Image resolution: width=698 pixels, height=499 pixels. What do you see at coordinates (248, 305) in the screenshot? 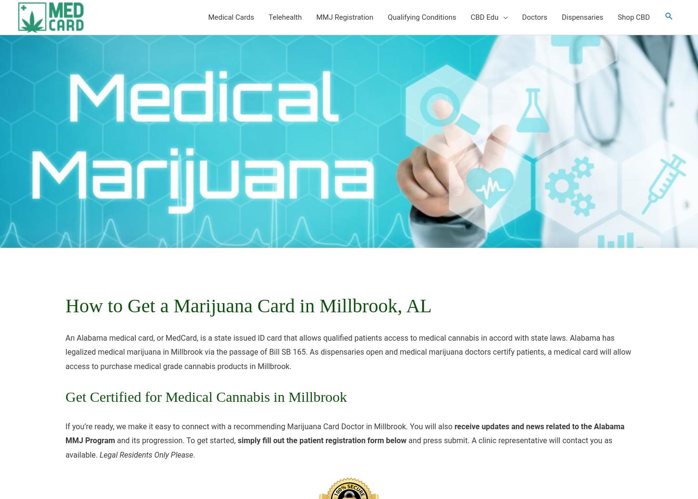
I see `'How to Get a Marijuana Card in Millbrook, AL'` at bounding box center [248, 305].